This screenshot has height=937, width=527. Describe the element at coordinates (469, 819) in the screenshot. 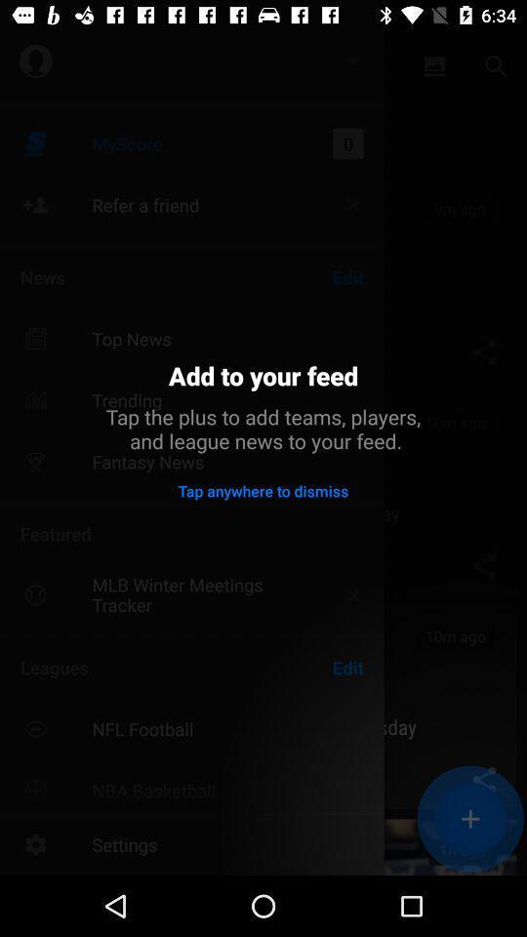

I see `the symbol in the blue color circle at the bottom right corner of the page` at that location.